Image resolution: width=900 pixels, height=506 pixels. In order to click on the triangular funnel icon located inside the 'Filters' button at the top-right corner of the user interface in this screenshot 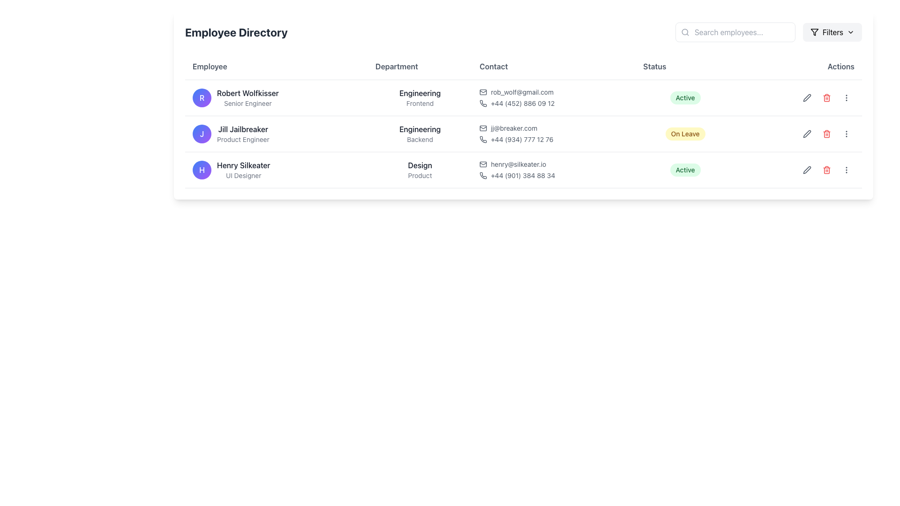, I will do `click(814, 32)`.